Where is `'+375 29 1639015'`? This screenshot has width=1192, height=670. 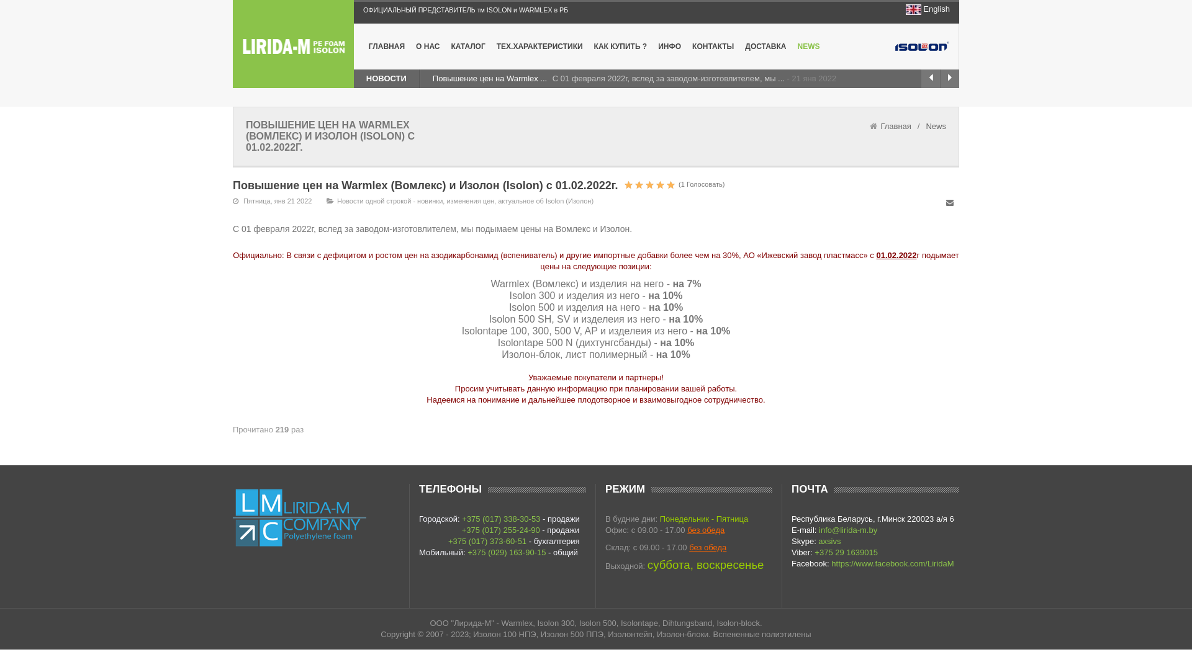
'+375 29 1639015' is located at coordinates (846, 552).